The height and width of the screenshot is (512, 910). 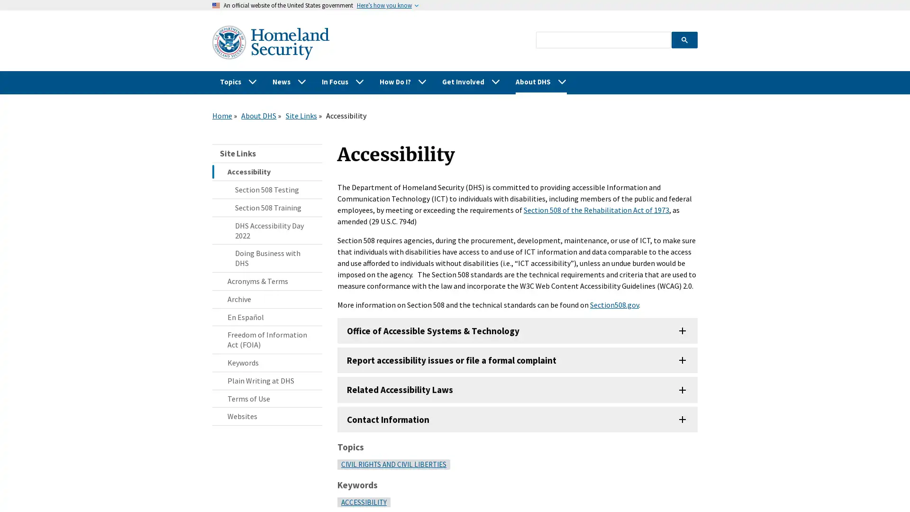 I want to click on Report accessibility issues or file a formal complaint, so click(x=517, y=360).